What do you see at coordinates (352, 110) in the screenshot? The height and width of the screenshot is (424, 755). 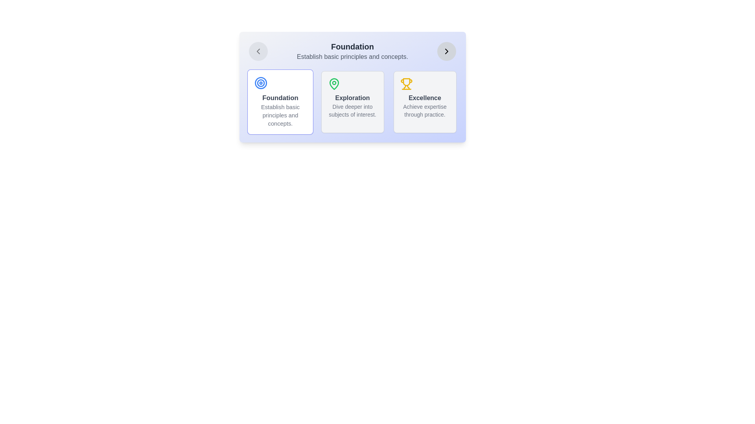 I see `static text element providing additional descriptive information related to the 'Exploration' heading, located in the middle section of a three-card layout with a gray background` at bounding box center [352, 110].